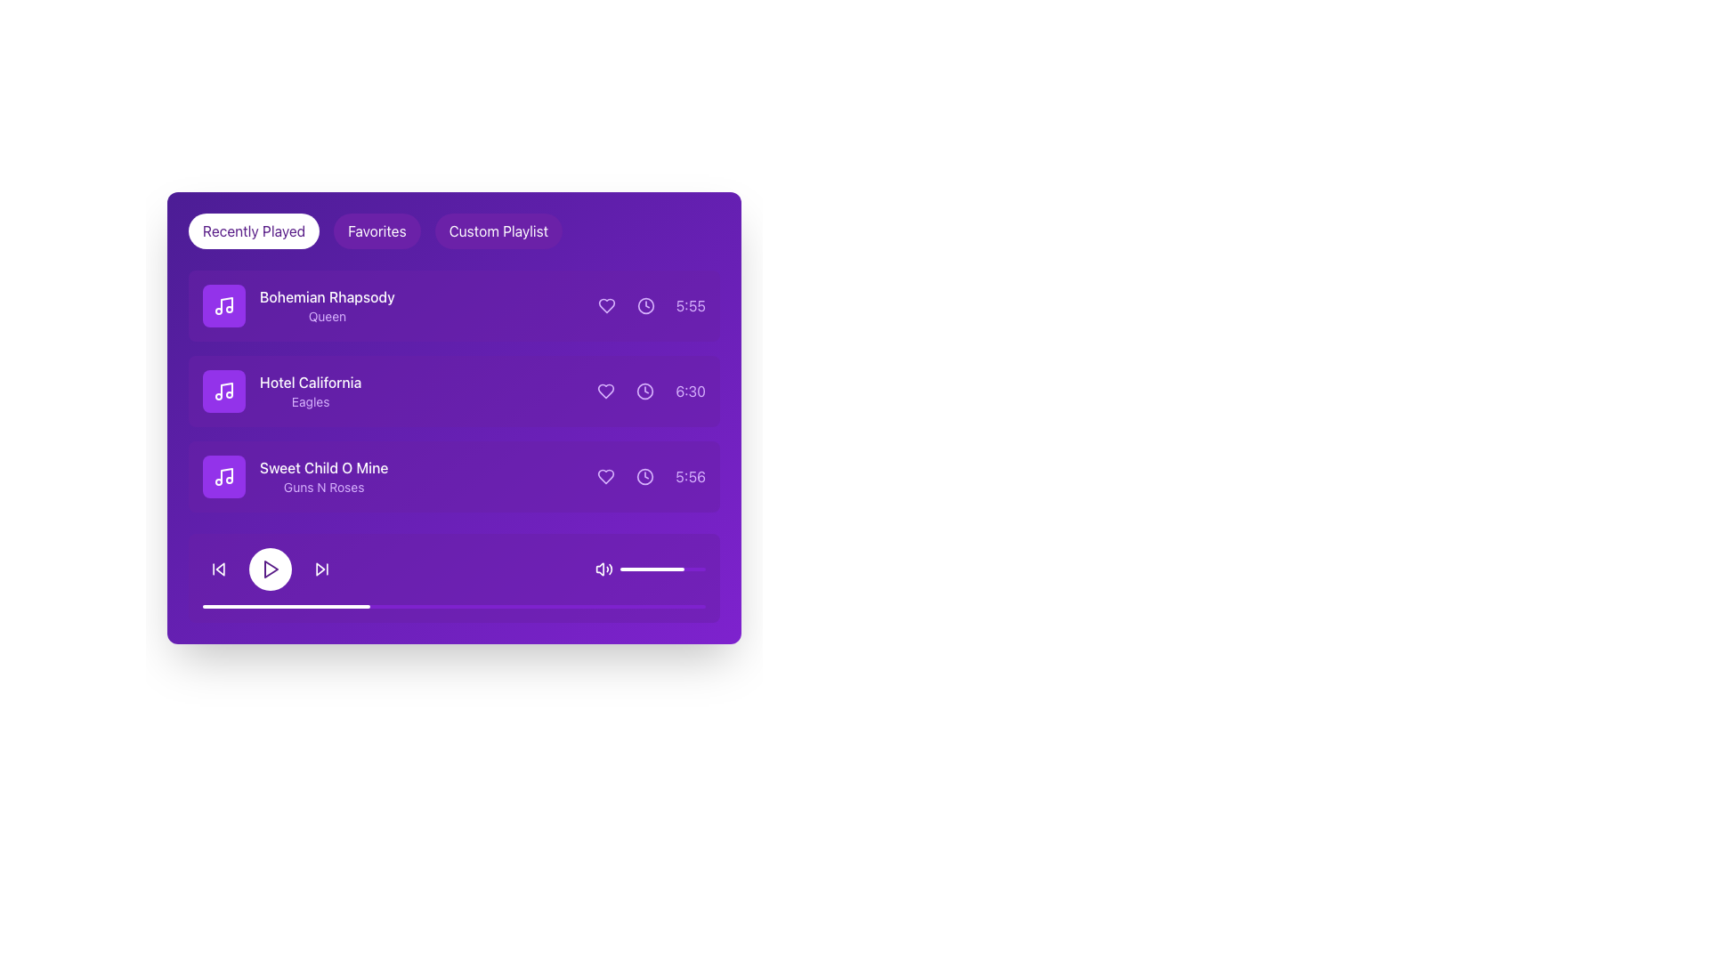  Describe the element at coordinates (644, 390) in the screenshot. I see `the SVG circle element that represents the outer circular shape of the clock icon associated with the 'Hotel California' item` at that location.